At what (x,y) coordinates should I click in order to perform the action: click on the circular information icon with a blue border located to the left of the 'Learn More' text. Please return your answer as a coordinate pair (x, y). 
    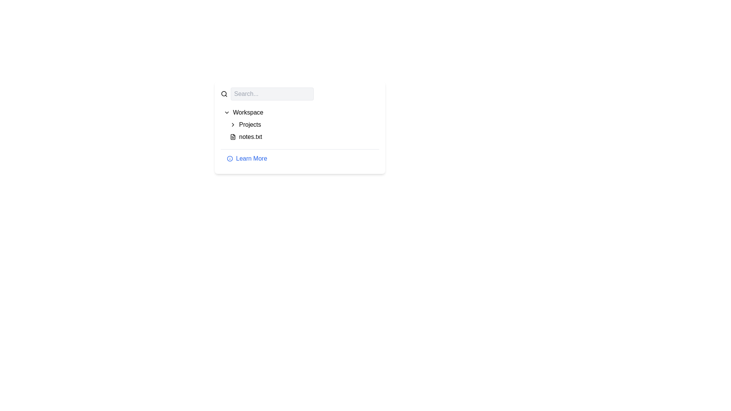
    Looking at the image, I should click on (230, 158).